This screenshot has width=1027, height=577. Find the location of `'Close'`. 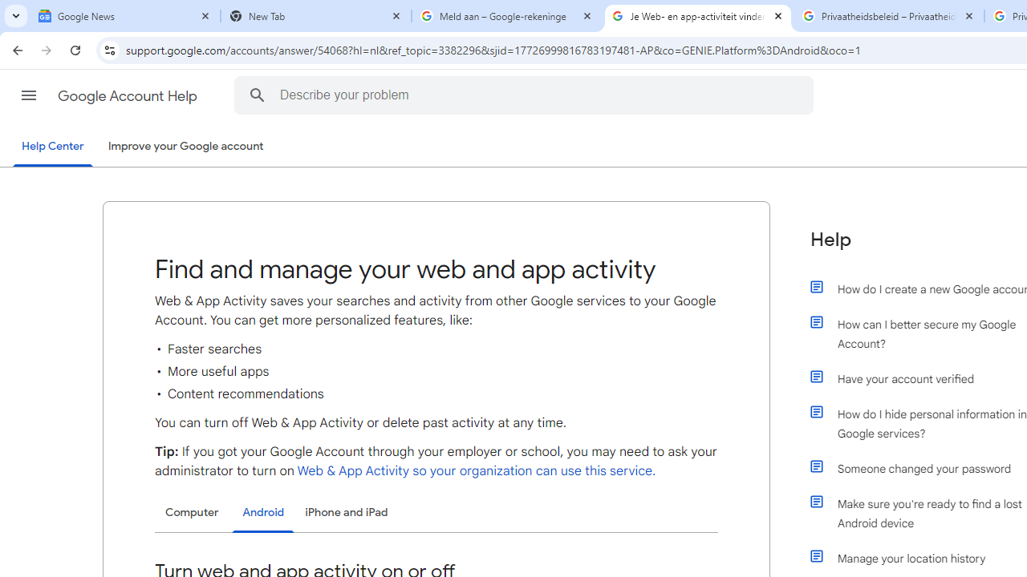

'Close' is located at coordinates (968, 15).